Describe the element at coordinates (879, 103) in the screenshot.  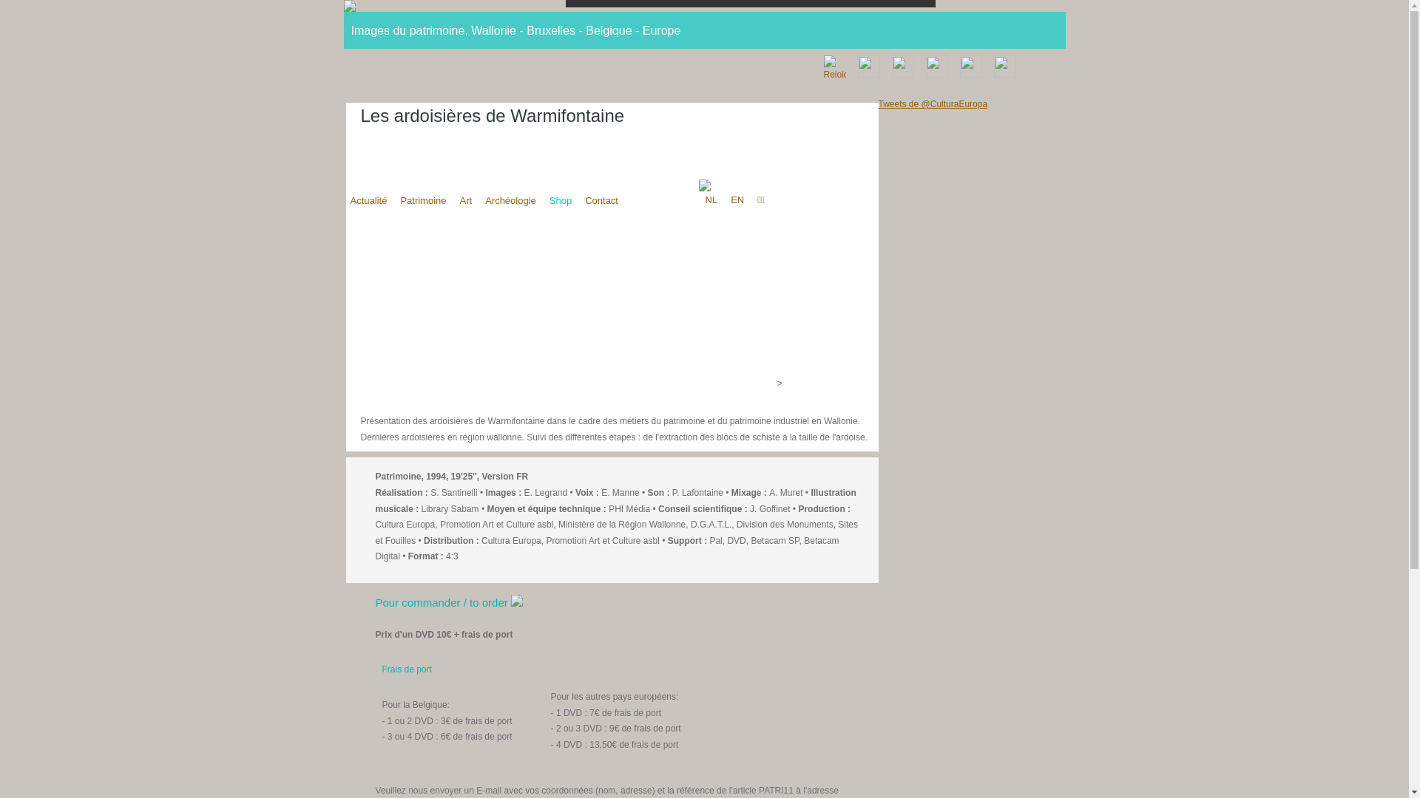
I see `'Tweets de @CulturaEuropa'` at that location.